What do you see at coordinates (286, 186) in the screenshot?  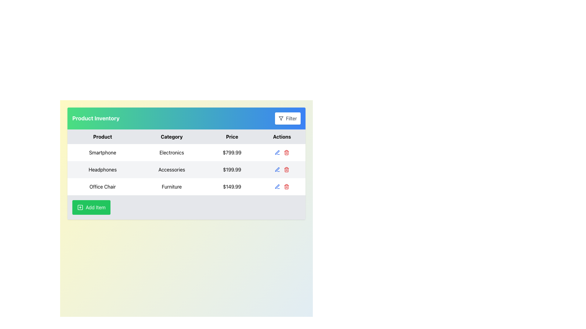 I see `the delete button located in the 'Actions' column of the third row of the table` at bounding box center [286, 186].